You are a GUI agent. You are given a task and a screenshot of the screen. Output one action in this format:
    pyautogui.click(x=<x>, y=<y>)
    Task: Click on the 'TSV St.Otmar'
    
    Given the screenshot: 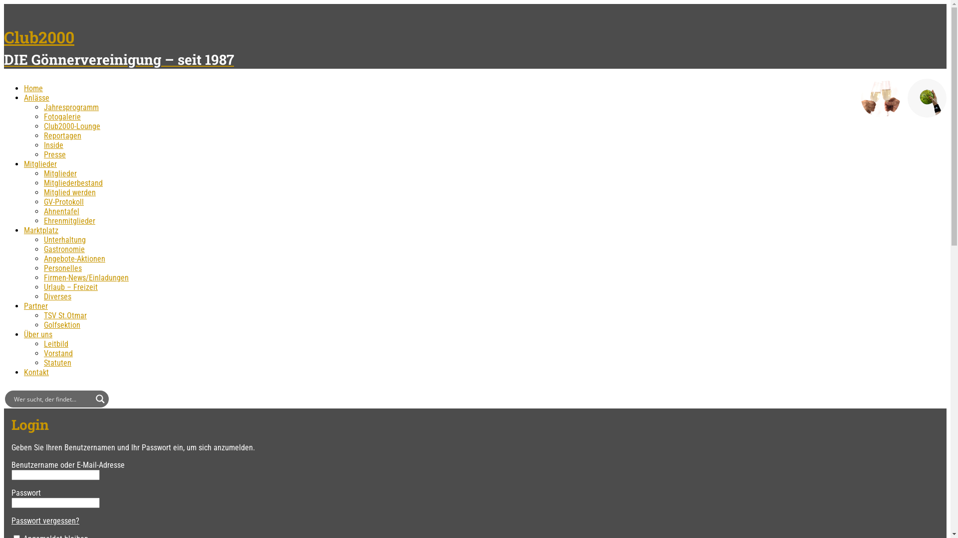 What is the action you would take?
    pyautogui.click(x=64, y=315)
    